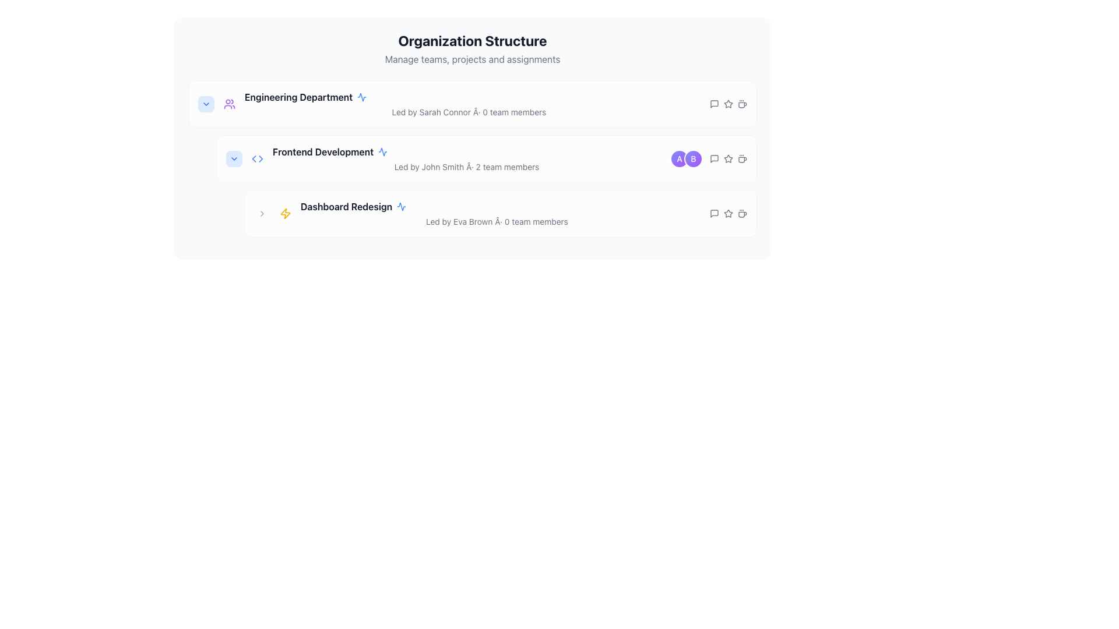  I want to click on the text label that reads 'Led by Eva Brown · 0 team members', located directly under the 'Dashboard Redesign' title, so click(497, 222).